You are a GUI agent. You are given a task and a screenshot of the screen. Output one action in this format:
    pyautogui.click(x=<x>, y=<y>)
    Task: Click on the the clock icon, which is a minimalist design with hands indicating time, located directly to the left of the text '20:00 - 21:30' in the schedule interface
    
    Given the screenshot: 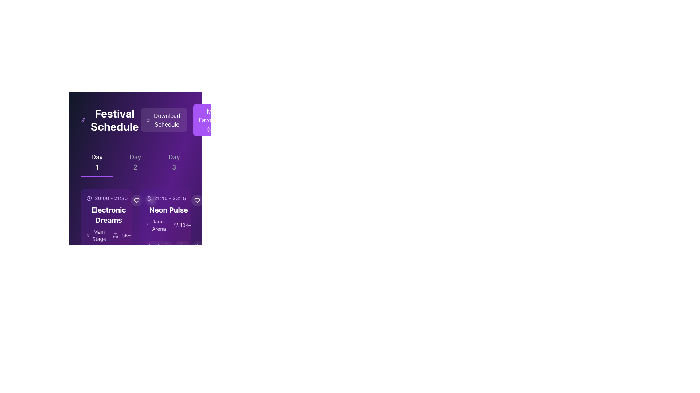 What is the action you would take?
    pyautogui.click(x=89, y=198)
    